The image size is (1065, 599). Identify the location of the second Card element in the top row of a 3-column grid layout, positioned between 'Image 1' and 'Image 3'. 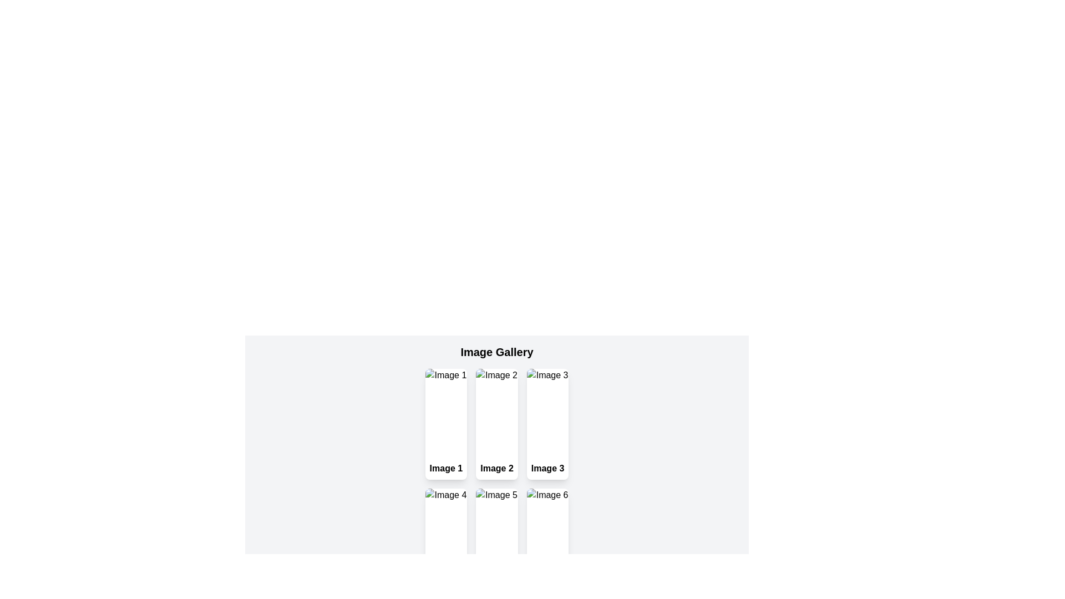
(496, 424).